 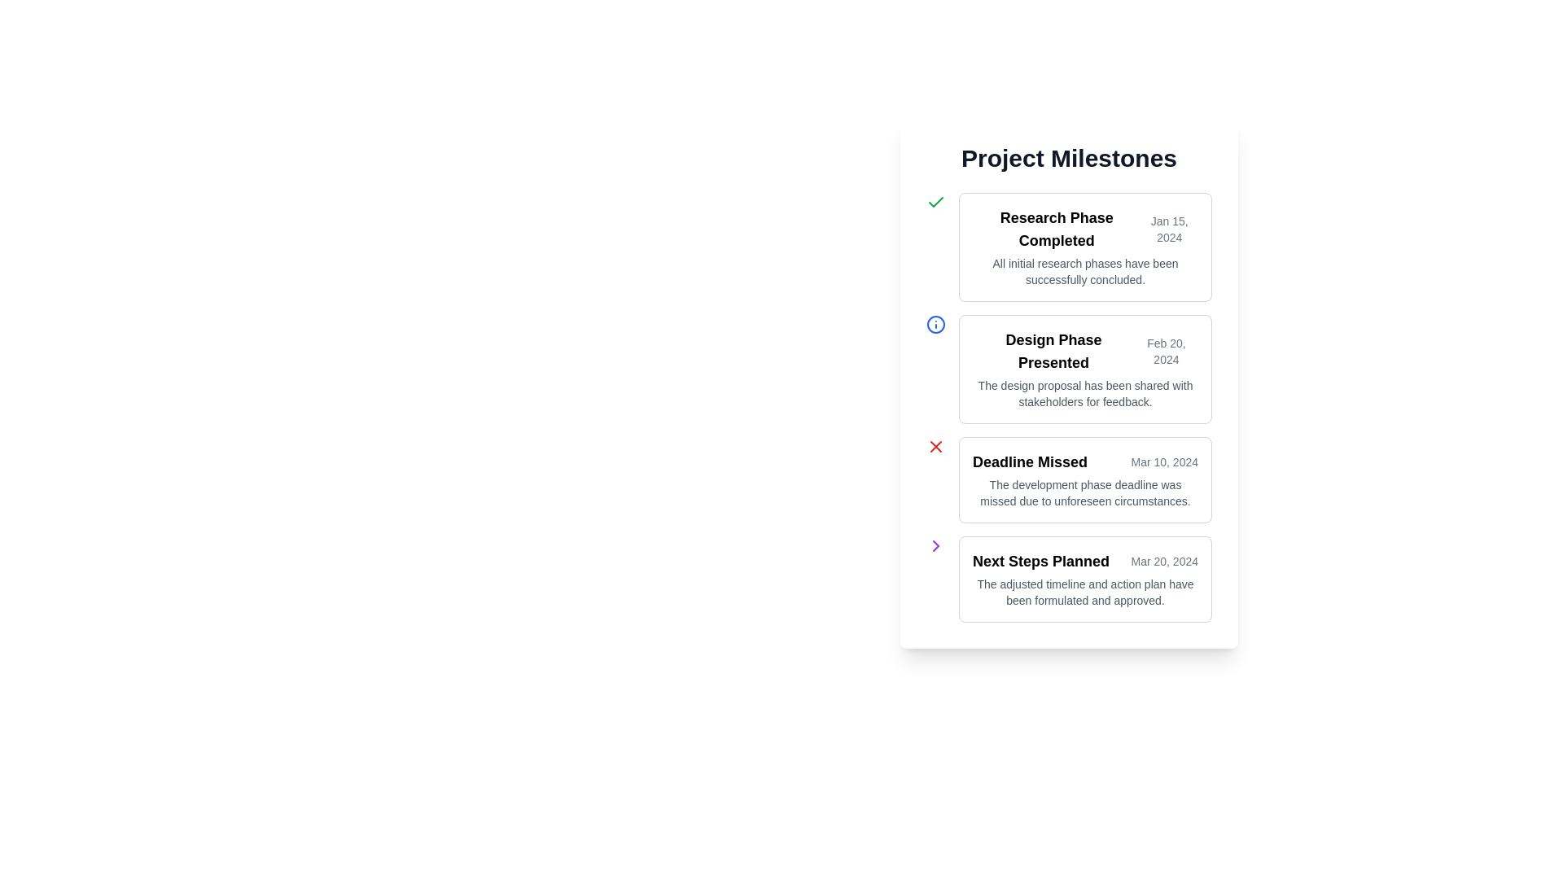 What do you see at coordinates (936, 202) in the screenshot?
I see `the SVG-based check mark icon indicating the completion status of the 'Research Phase Completed' milestone to interact with the milestone` at bounding box center [936, 202].